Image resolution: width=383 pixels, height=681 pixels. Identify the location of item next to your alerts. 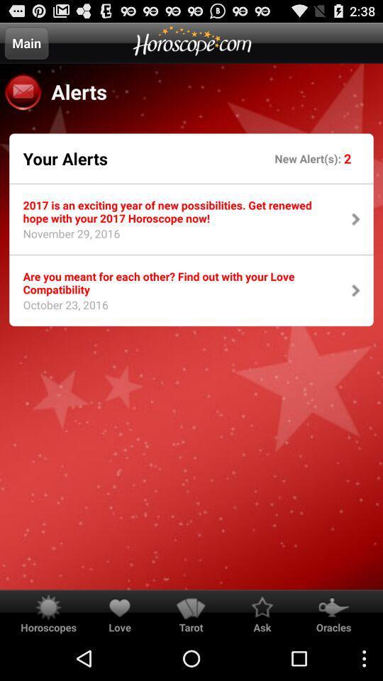
(309, 158).